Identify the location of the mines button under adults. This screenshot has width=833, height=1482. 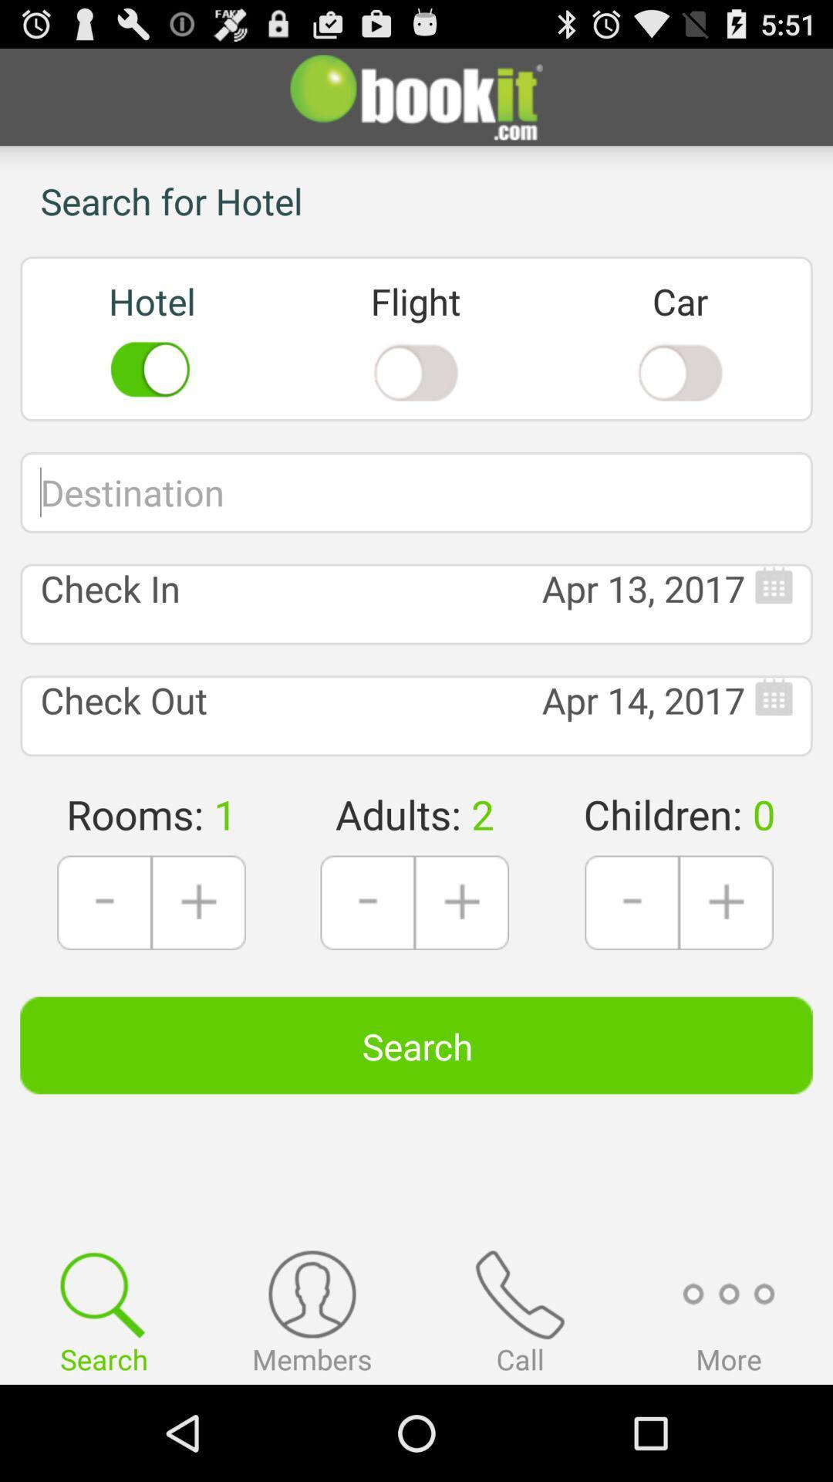
(368, 903).